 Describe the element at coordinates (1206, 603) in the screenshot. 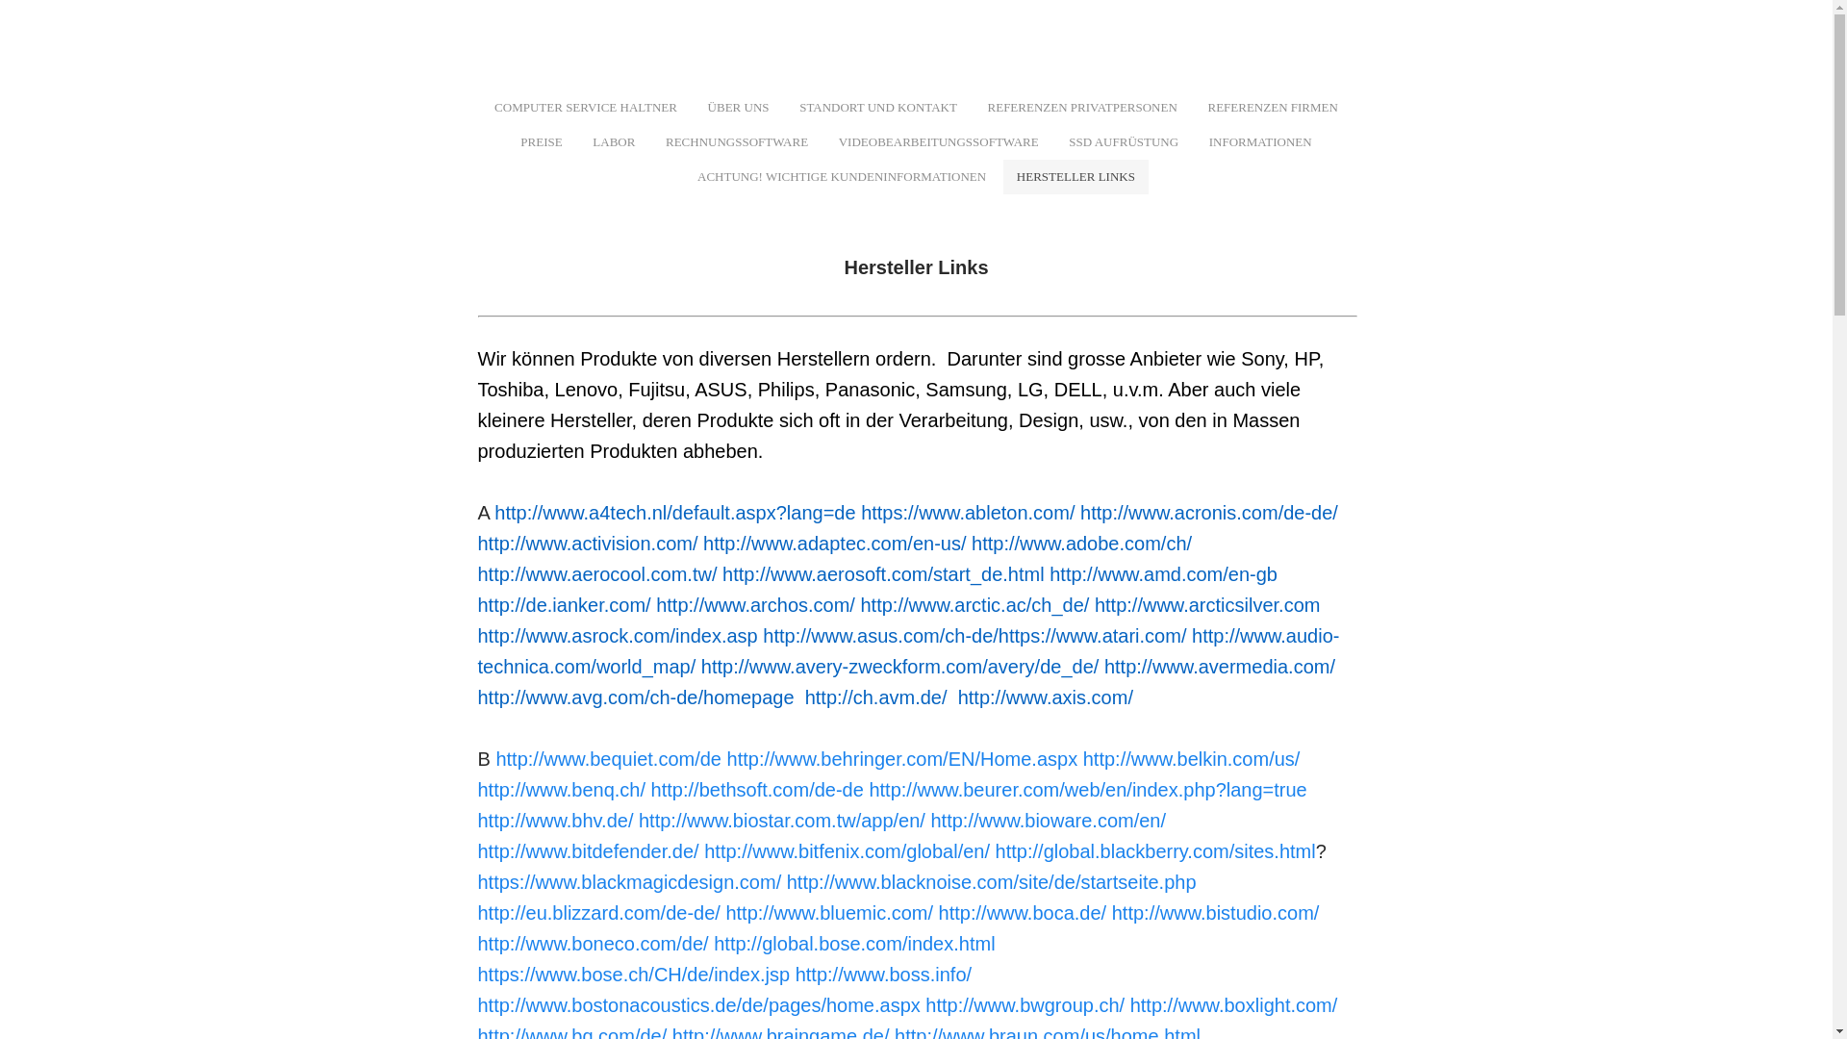

I see `'http://www.arcticsilver.com'` at that location.